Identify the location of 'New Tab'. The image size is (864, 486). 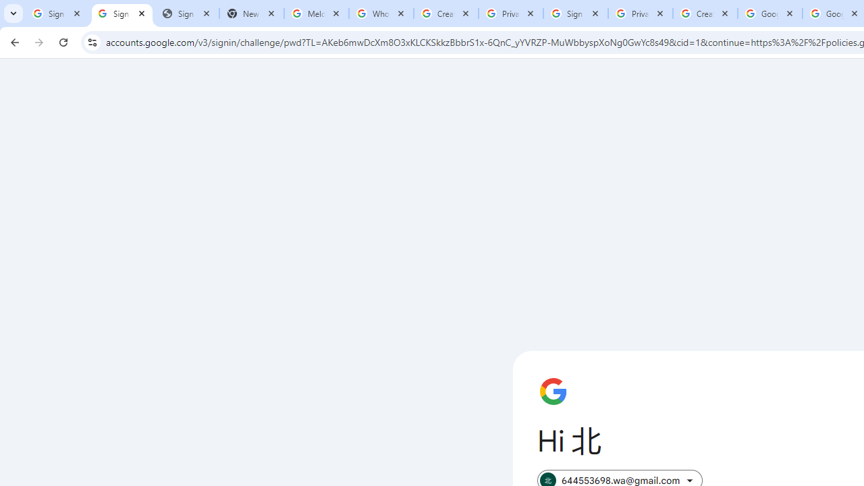
(252, 13).